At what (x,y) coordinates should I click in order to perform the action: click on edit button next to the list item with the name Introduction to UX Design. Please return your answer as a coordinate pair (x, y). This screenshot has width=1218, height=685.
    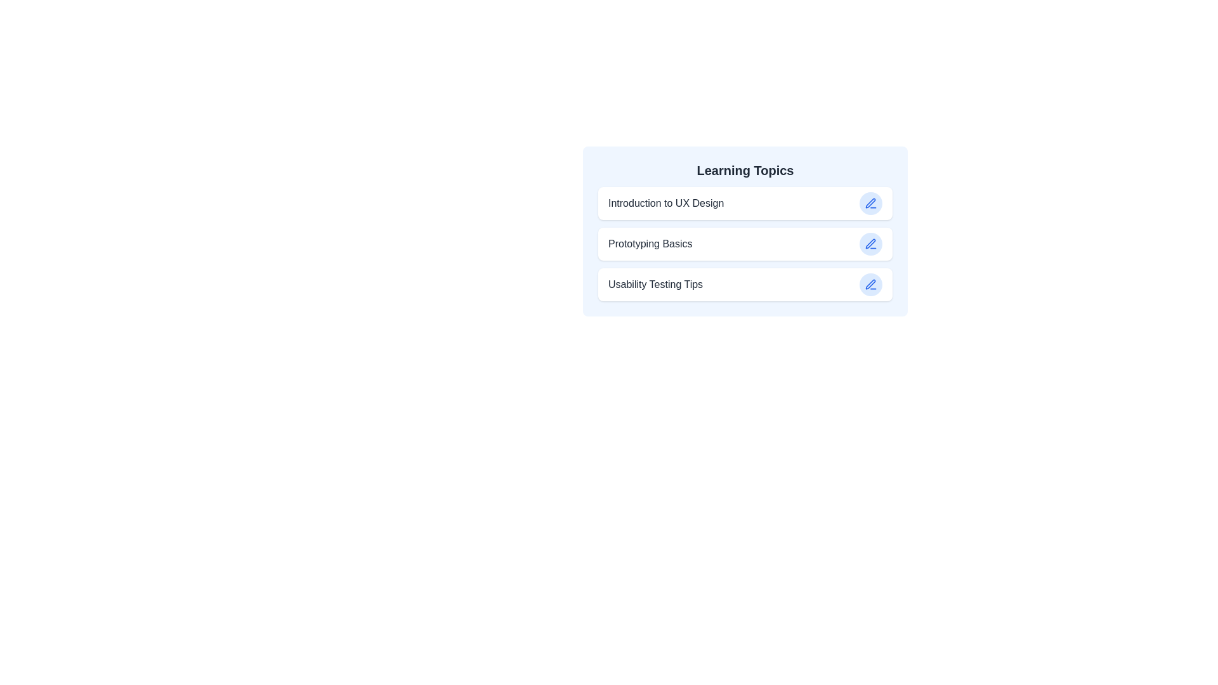
    Looking at the image, I should click on (870, 202).